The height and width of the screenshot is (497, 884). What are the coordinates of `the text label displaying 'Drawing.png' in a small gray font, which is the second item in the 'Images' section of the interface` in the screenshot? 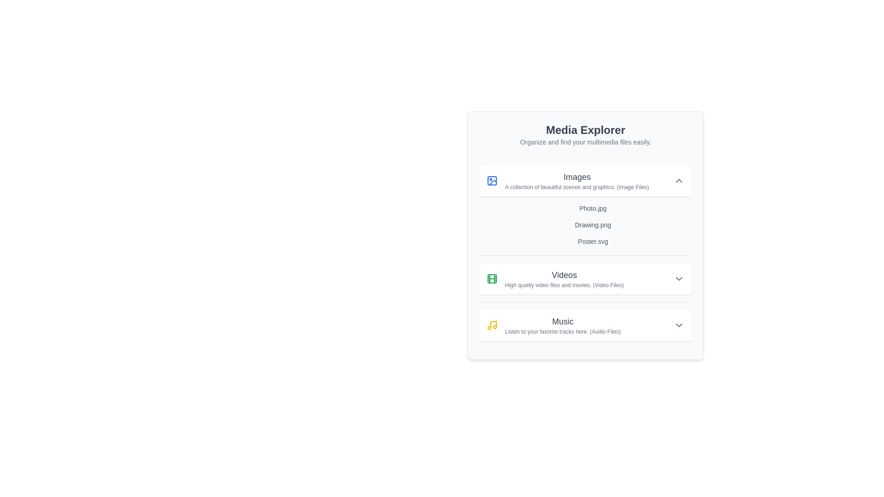 It's located at (593, 225).